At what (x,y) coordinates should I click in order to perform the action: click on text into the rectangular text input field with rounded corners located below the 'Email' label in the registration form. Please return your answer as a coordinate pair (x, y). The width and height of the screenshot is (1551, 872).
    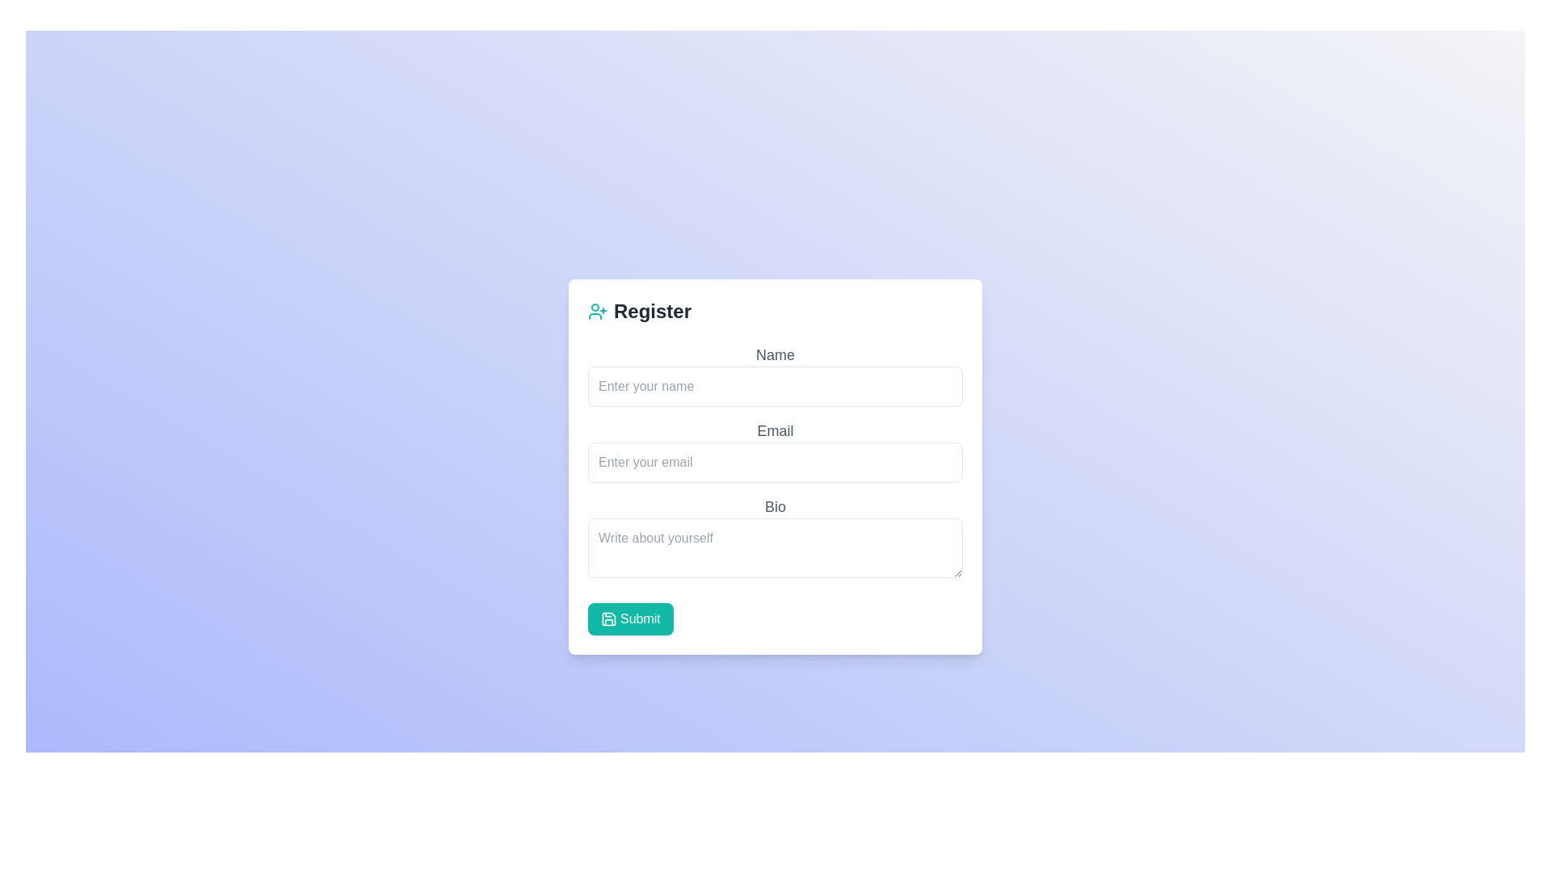
    Looking at the image, I should click on (775, 462).